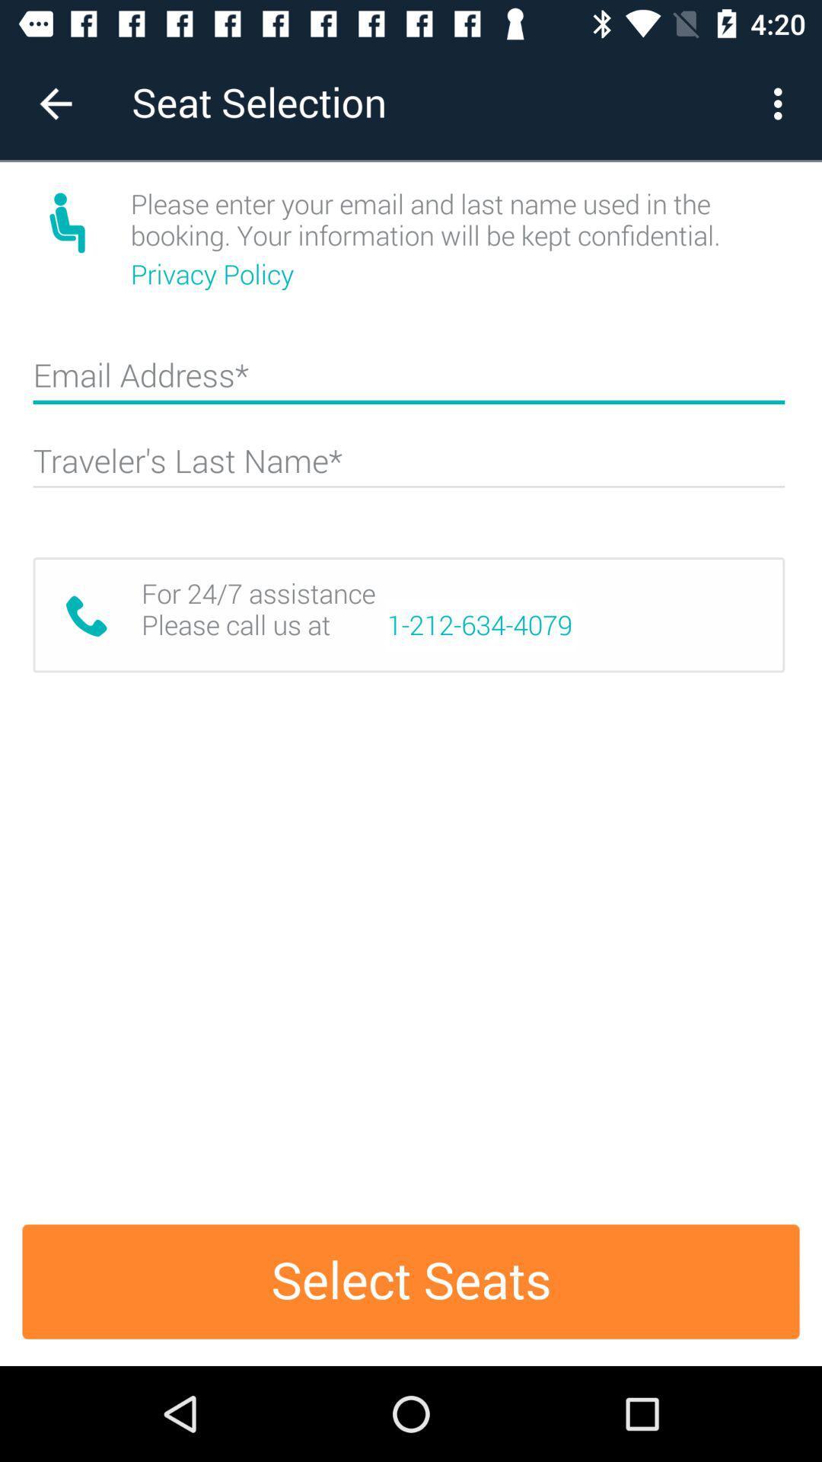  What do you see at coordinates (782, 103) in the screenshot?
I see `the icon to the right of the seat selection item` at bounding box center [782, 103].